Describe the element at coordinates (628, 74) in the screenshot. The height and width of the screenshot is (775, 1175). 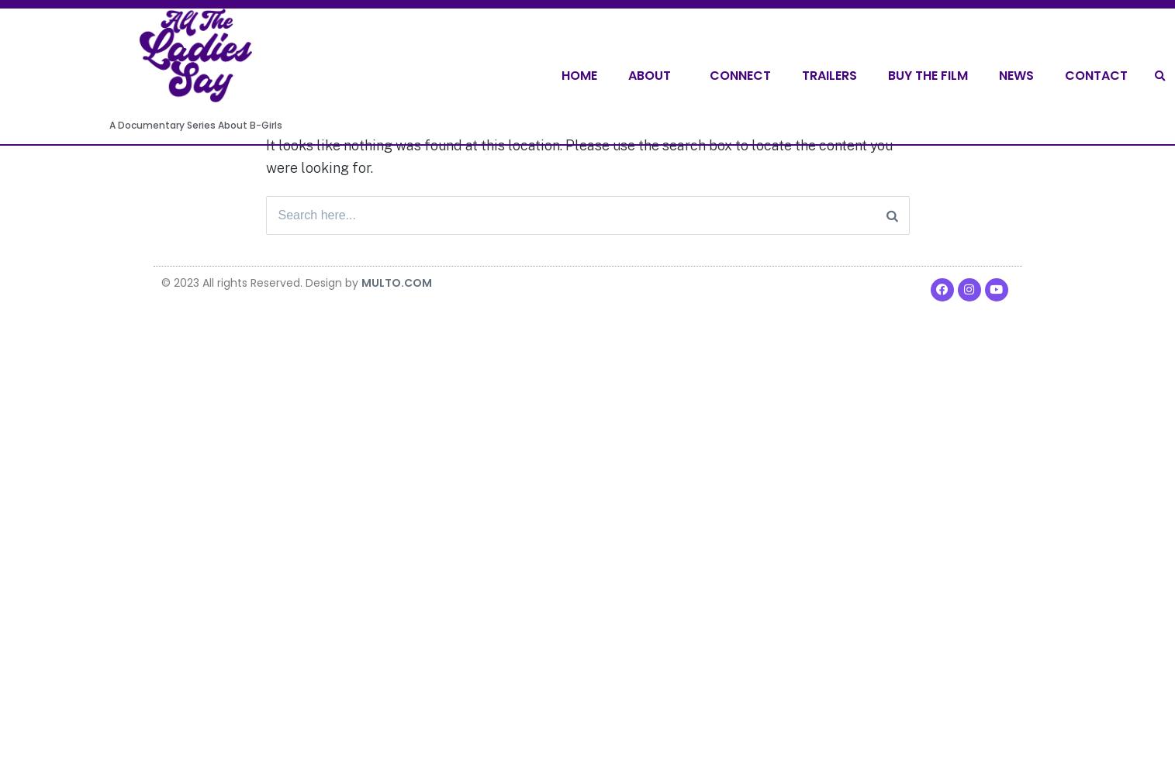
I see `'About'` at that location.